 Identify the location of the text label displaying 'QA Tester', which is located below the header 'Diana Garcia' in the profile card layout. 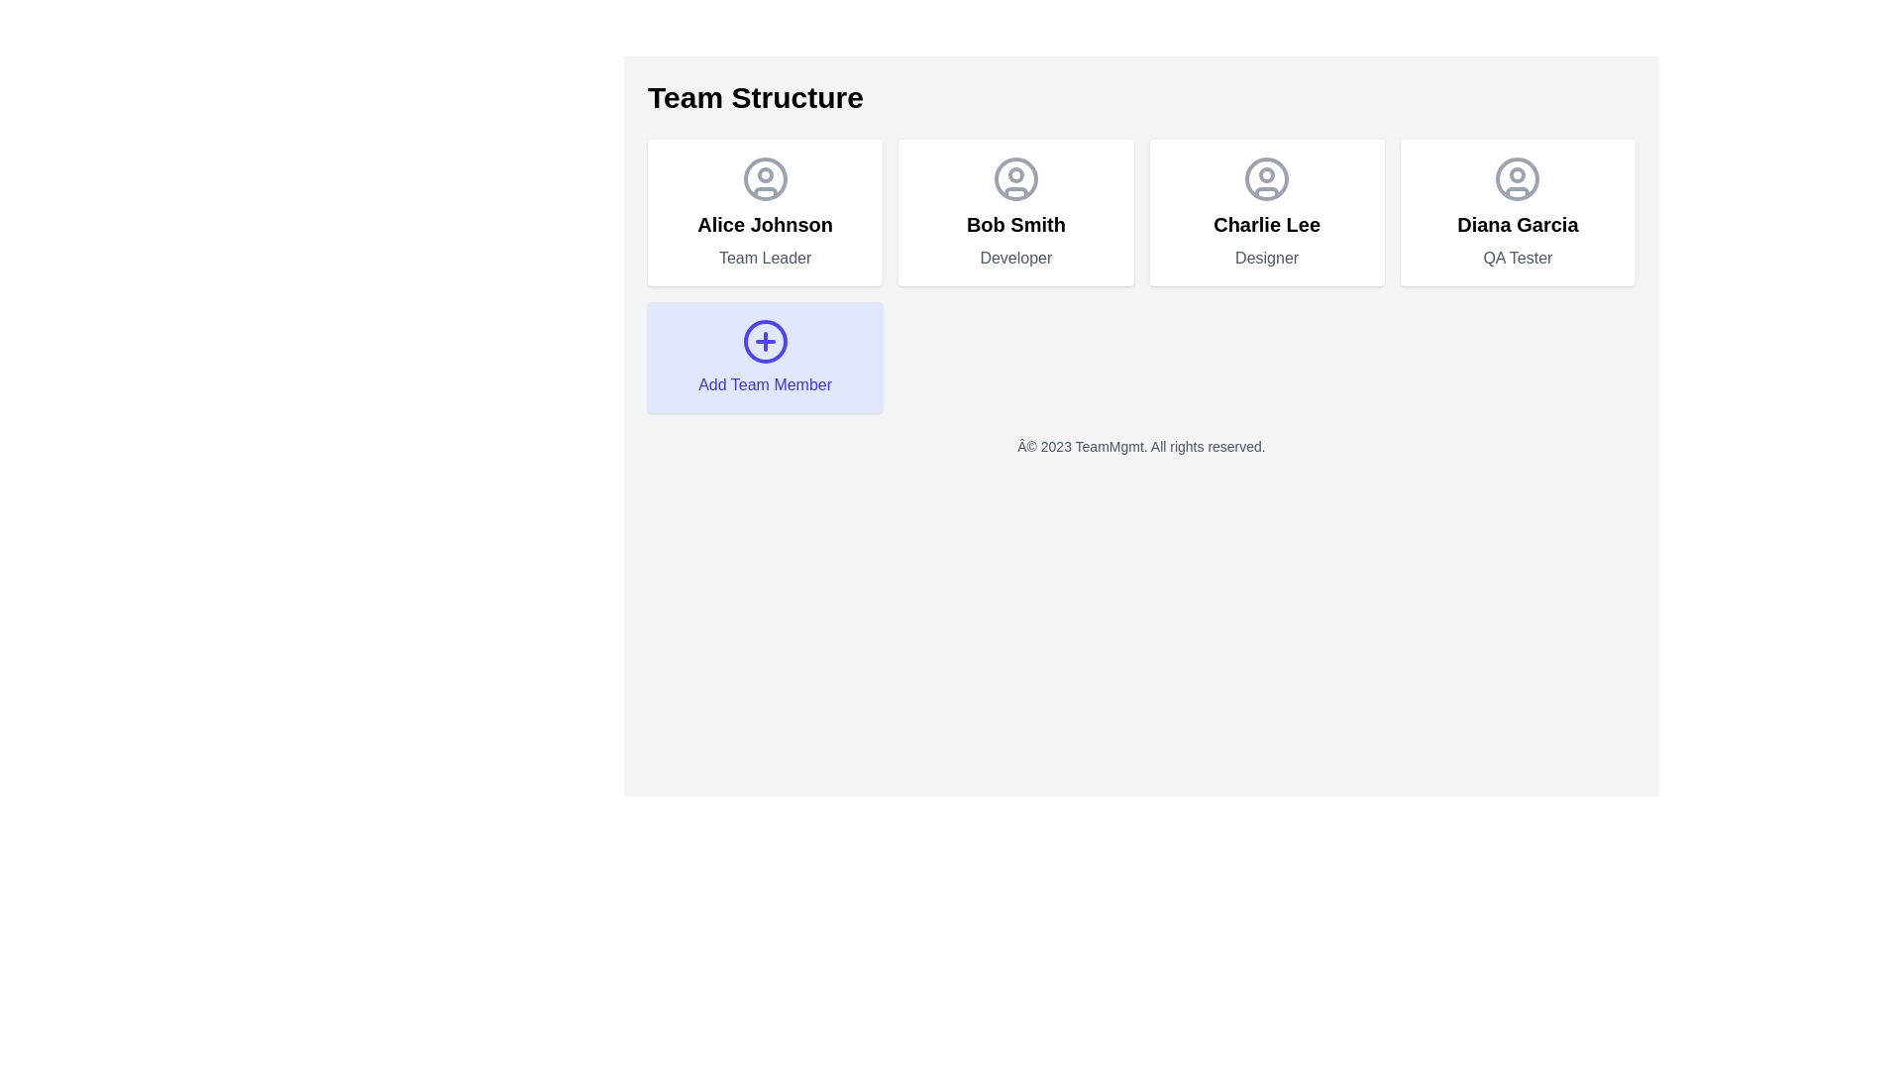
(1517, 258).